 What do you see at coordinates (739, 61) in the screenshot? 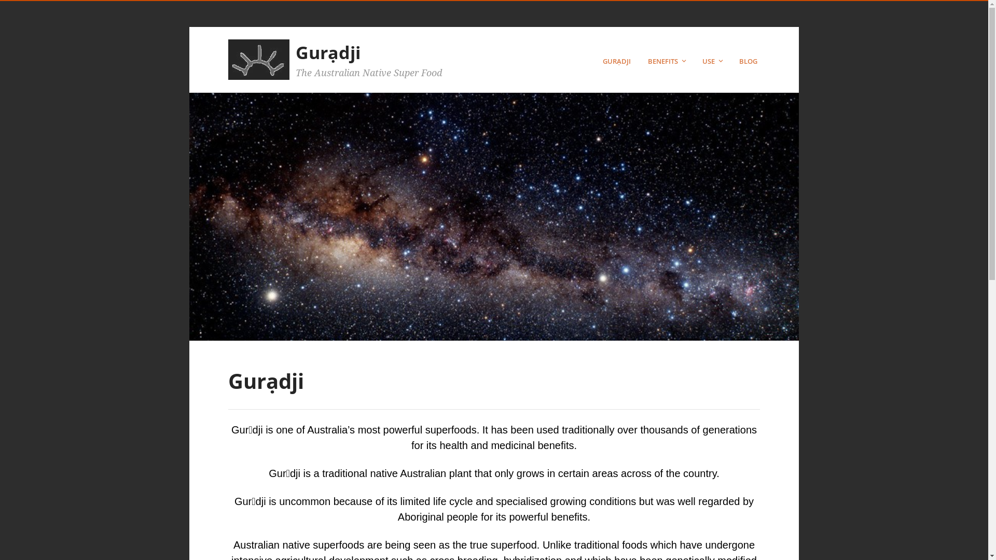
I see `'BLOG'` at bounding box center [739, 61].